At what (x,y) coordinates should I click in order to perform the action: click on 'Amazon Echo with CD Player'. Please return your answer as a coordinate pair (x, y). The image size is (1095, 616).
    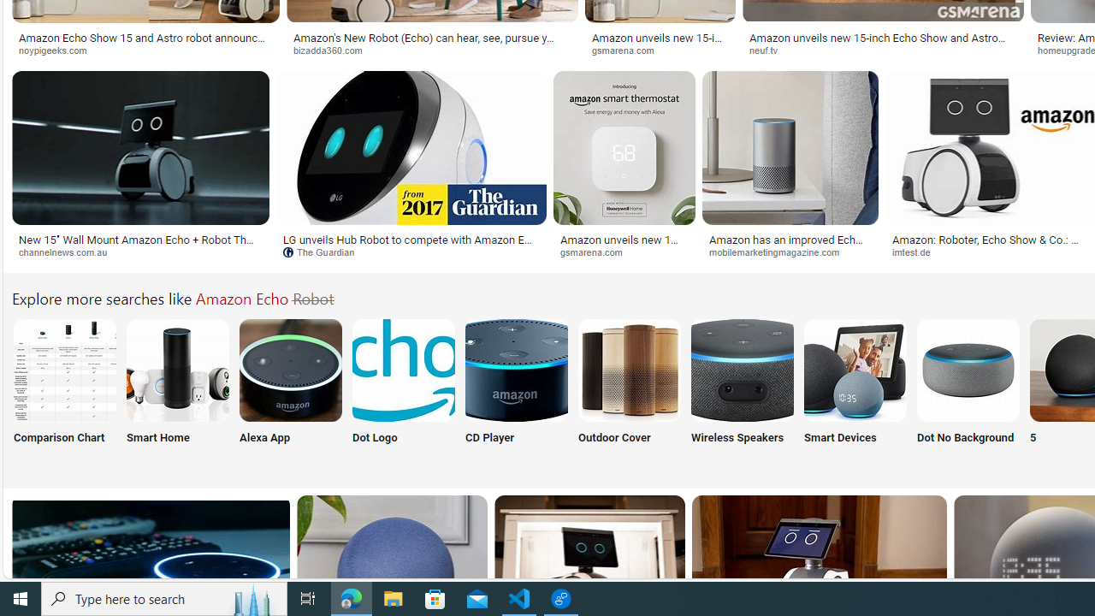
    Looking at the image, I should click on (516, 369).